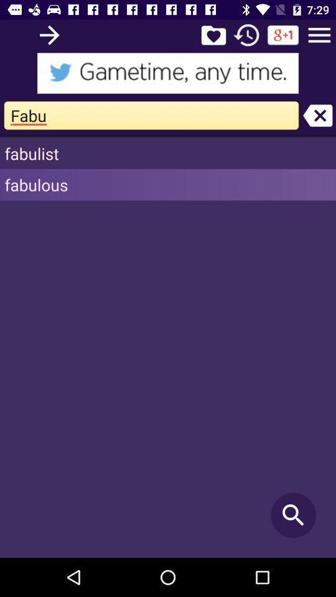 The image size is (336, 597). What do you see at coordinates (317, 115) in the screenshot?
I see `cancel search` at bounding box center [317, 115].